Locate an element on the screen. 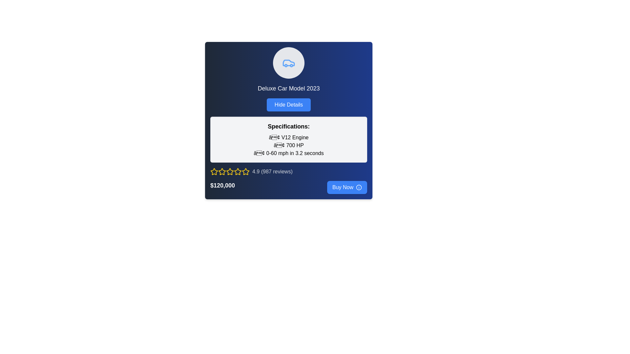  the descriptive text element that provides information about the performance specifications of the product, specifically its acceleration capability, which is the third item in a bulleted list of specifications is located at coordinates (288, 153).